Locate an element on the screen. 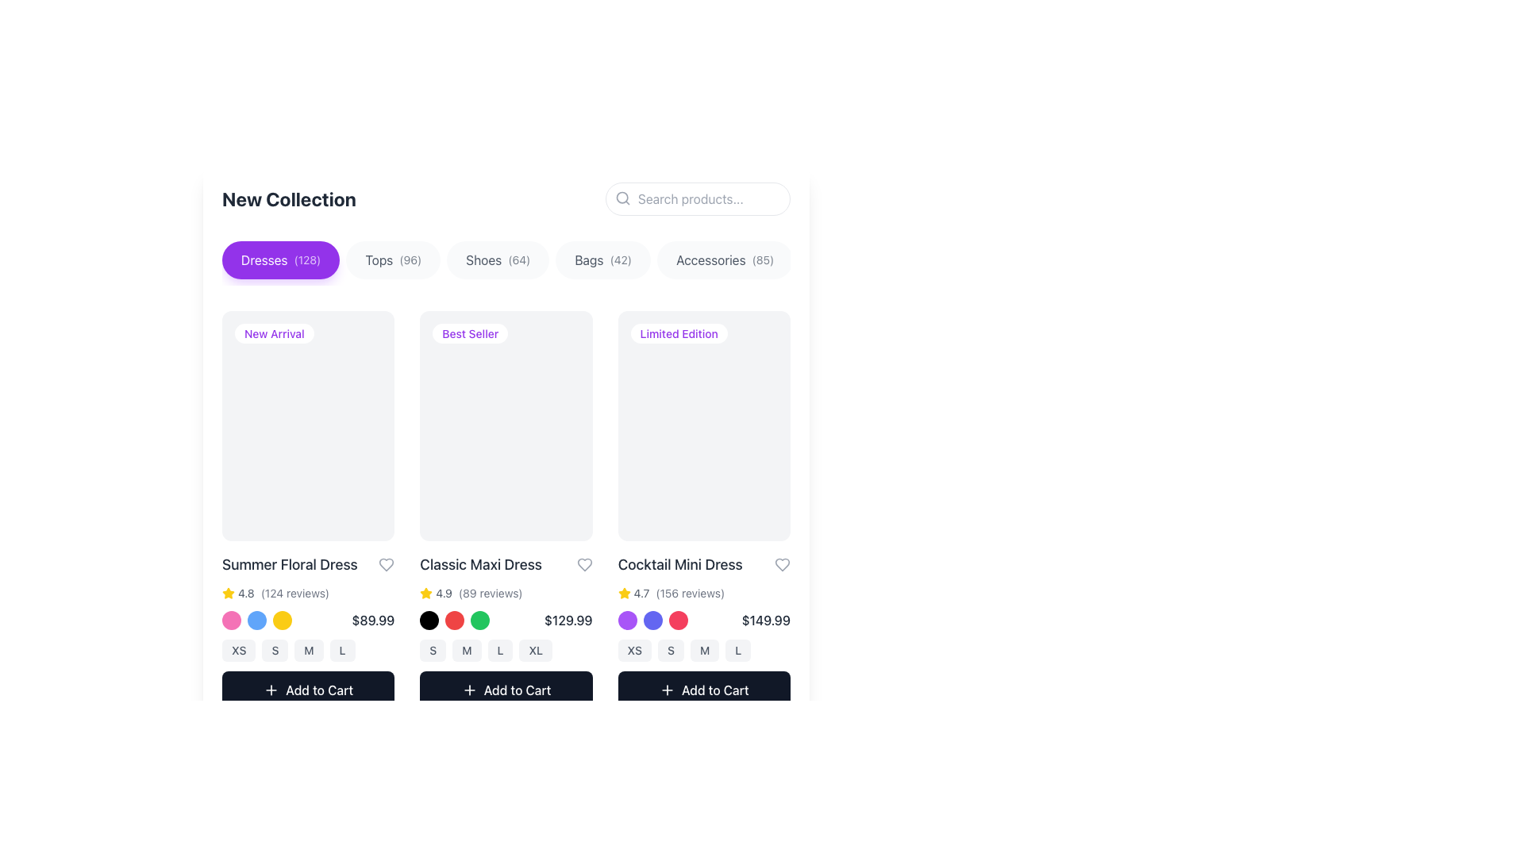 The width and height of the screenshot is (1524, 857). the third circular color indicator button with a rose-pink hue is located at coordinates (678, 619).